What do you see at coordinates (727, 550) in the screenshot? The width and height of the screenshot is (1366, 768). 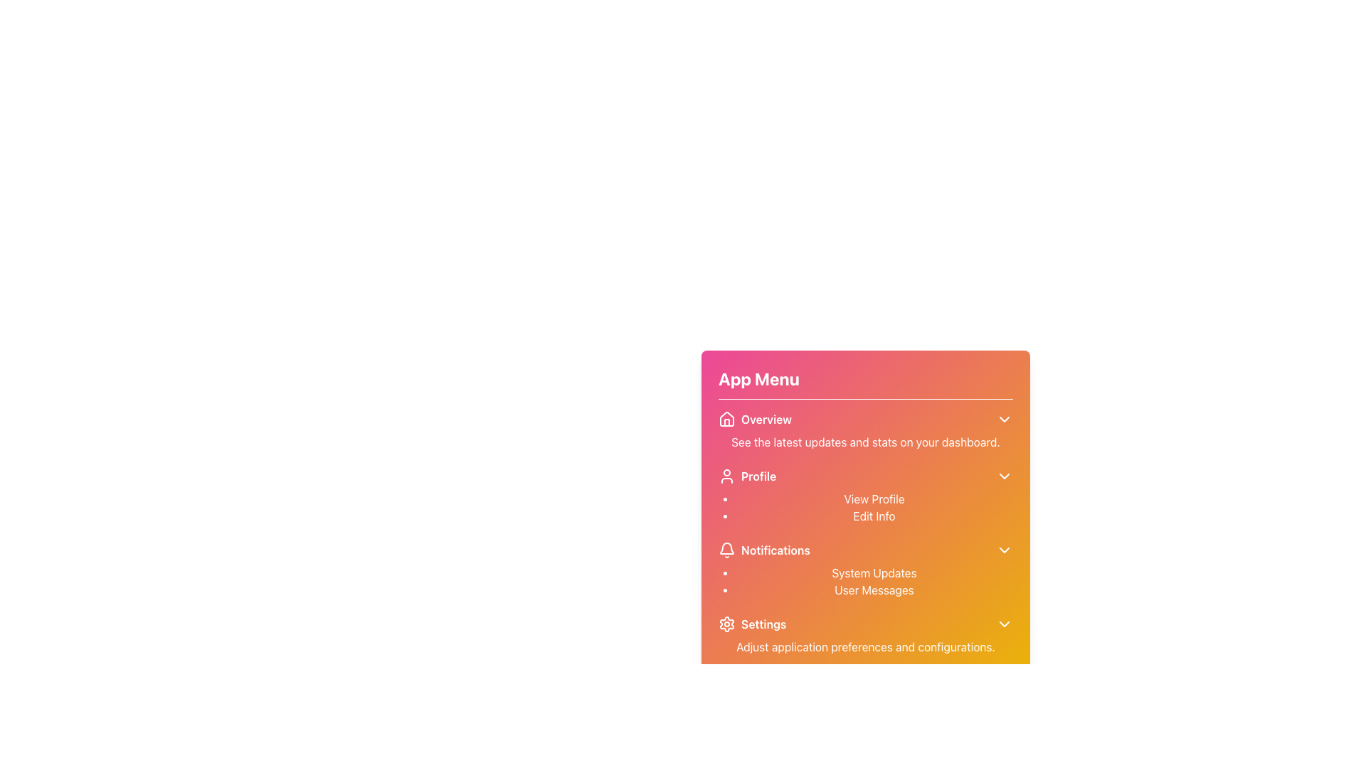 I see `the bell icon, which is styled with a thin outline and is located to the left of the 'Notifications' text in the application menu panel` at bounding box center [727, 550].